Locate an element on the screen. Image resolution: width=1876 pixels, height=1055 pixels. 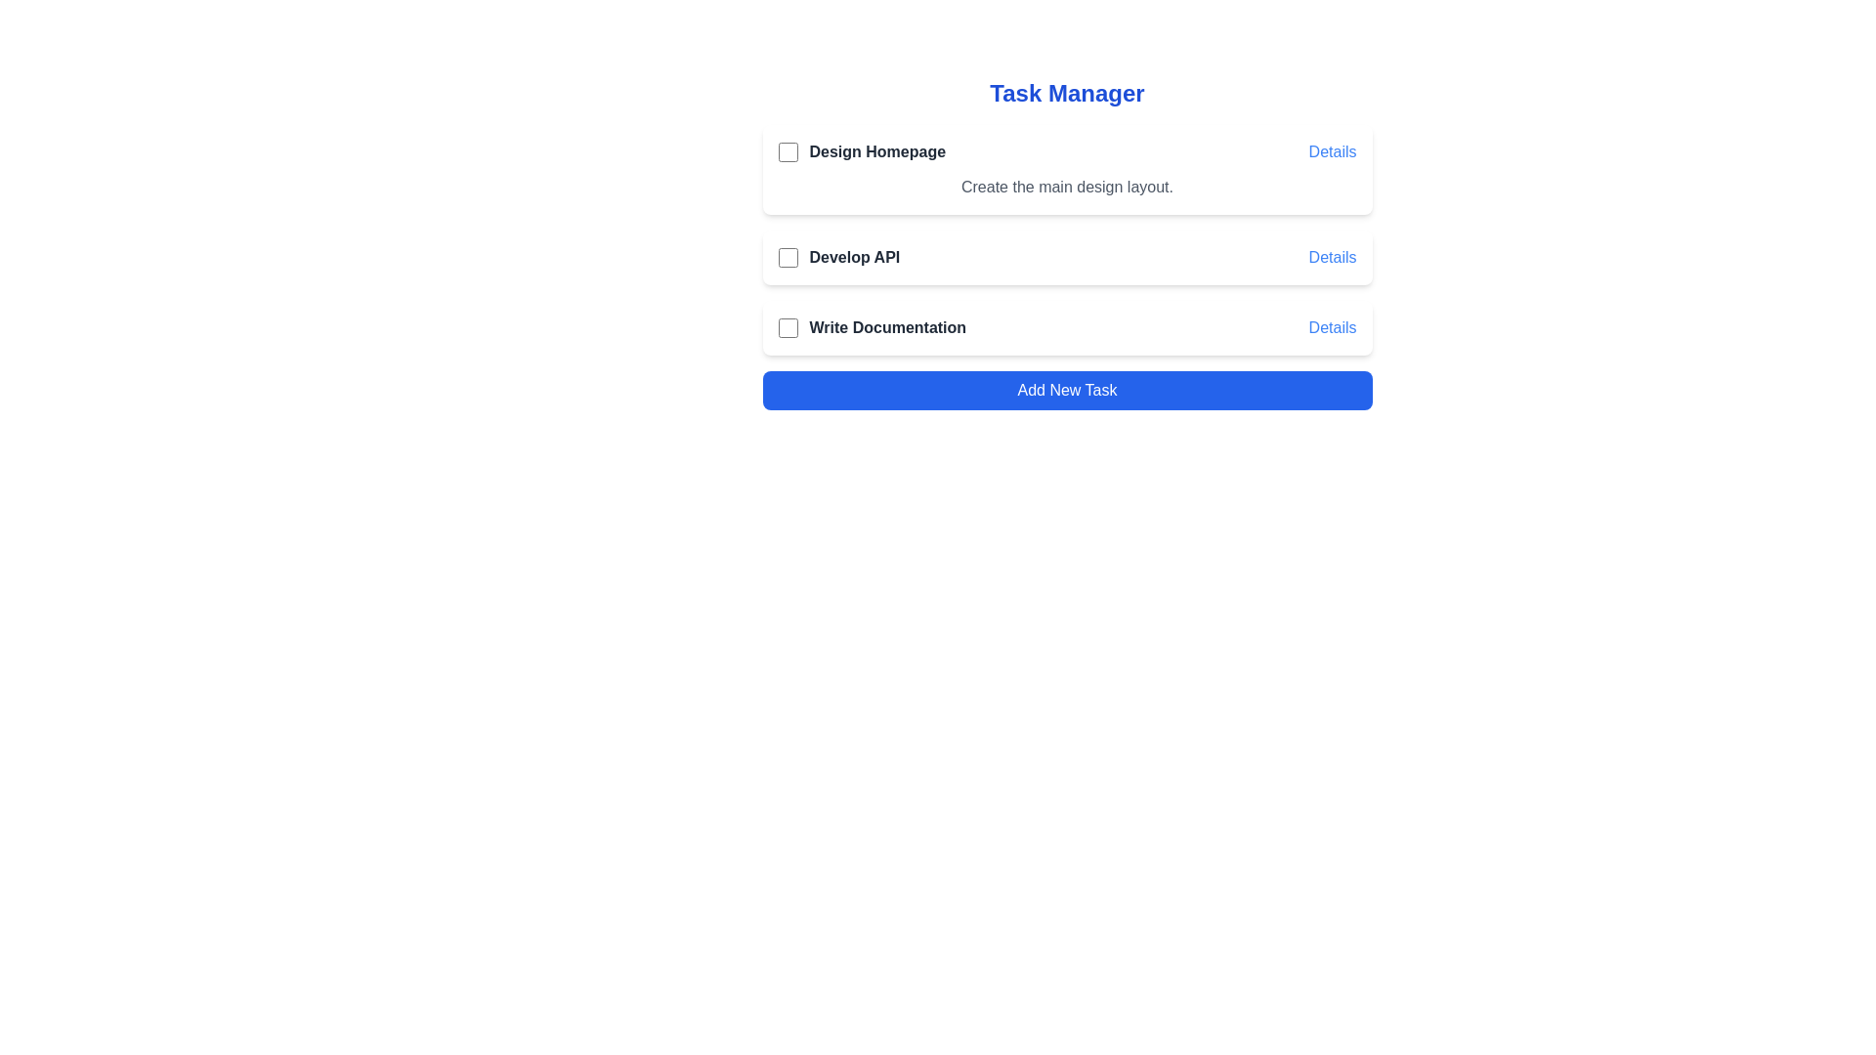
the checkbox for the task 'Write Documentation' to mark it as completed is located at coordinates (788, 326).